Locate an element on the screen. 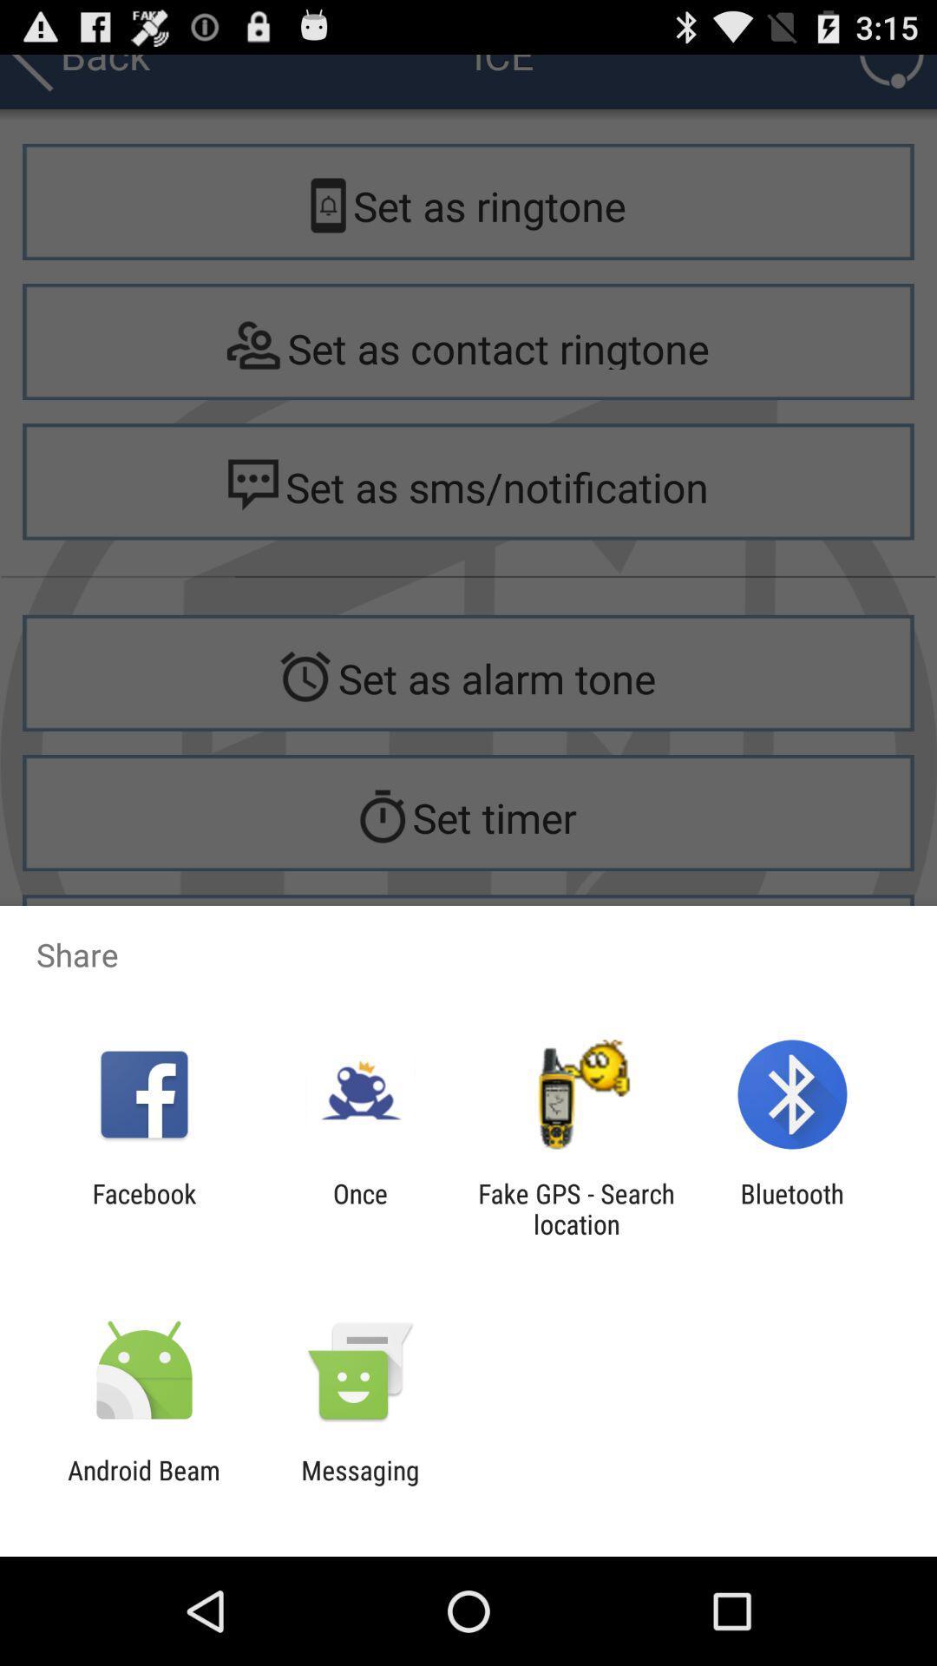  the app next to the messaging item is located at coordinates (143, 1485).